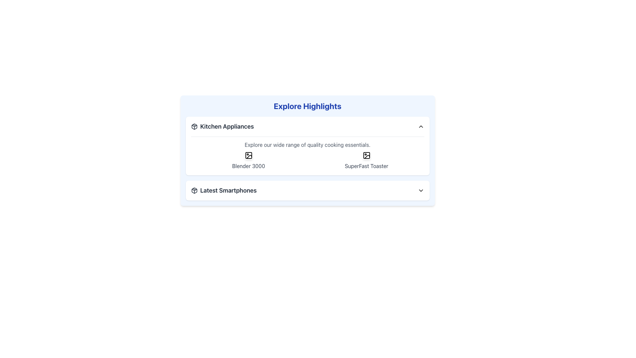 This screenshot has height=358, width=636. I want to click on the small icon representing an image placeholder located under the 'Kitchen Appliances' category, positioned to the left of the 'Blender 3000' text, so click(248, 155).